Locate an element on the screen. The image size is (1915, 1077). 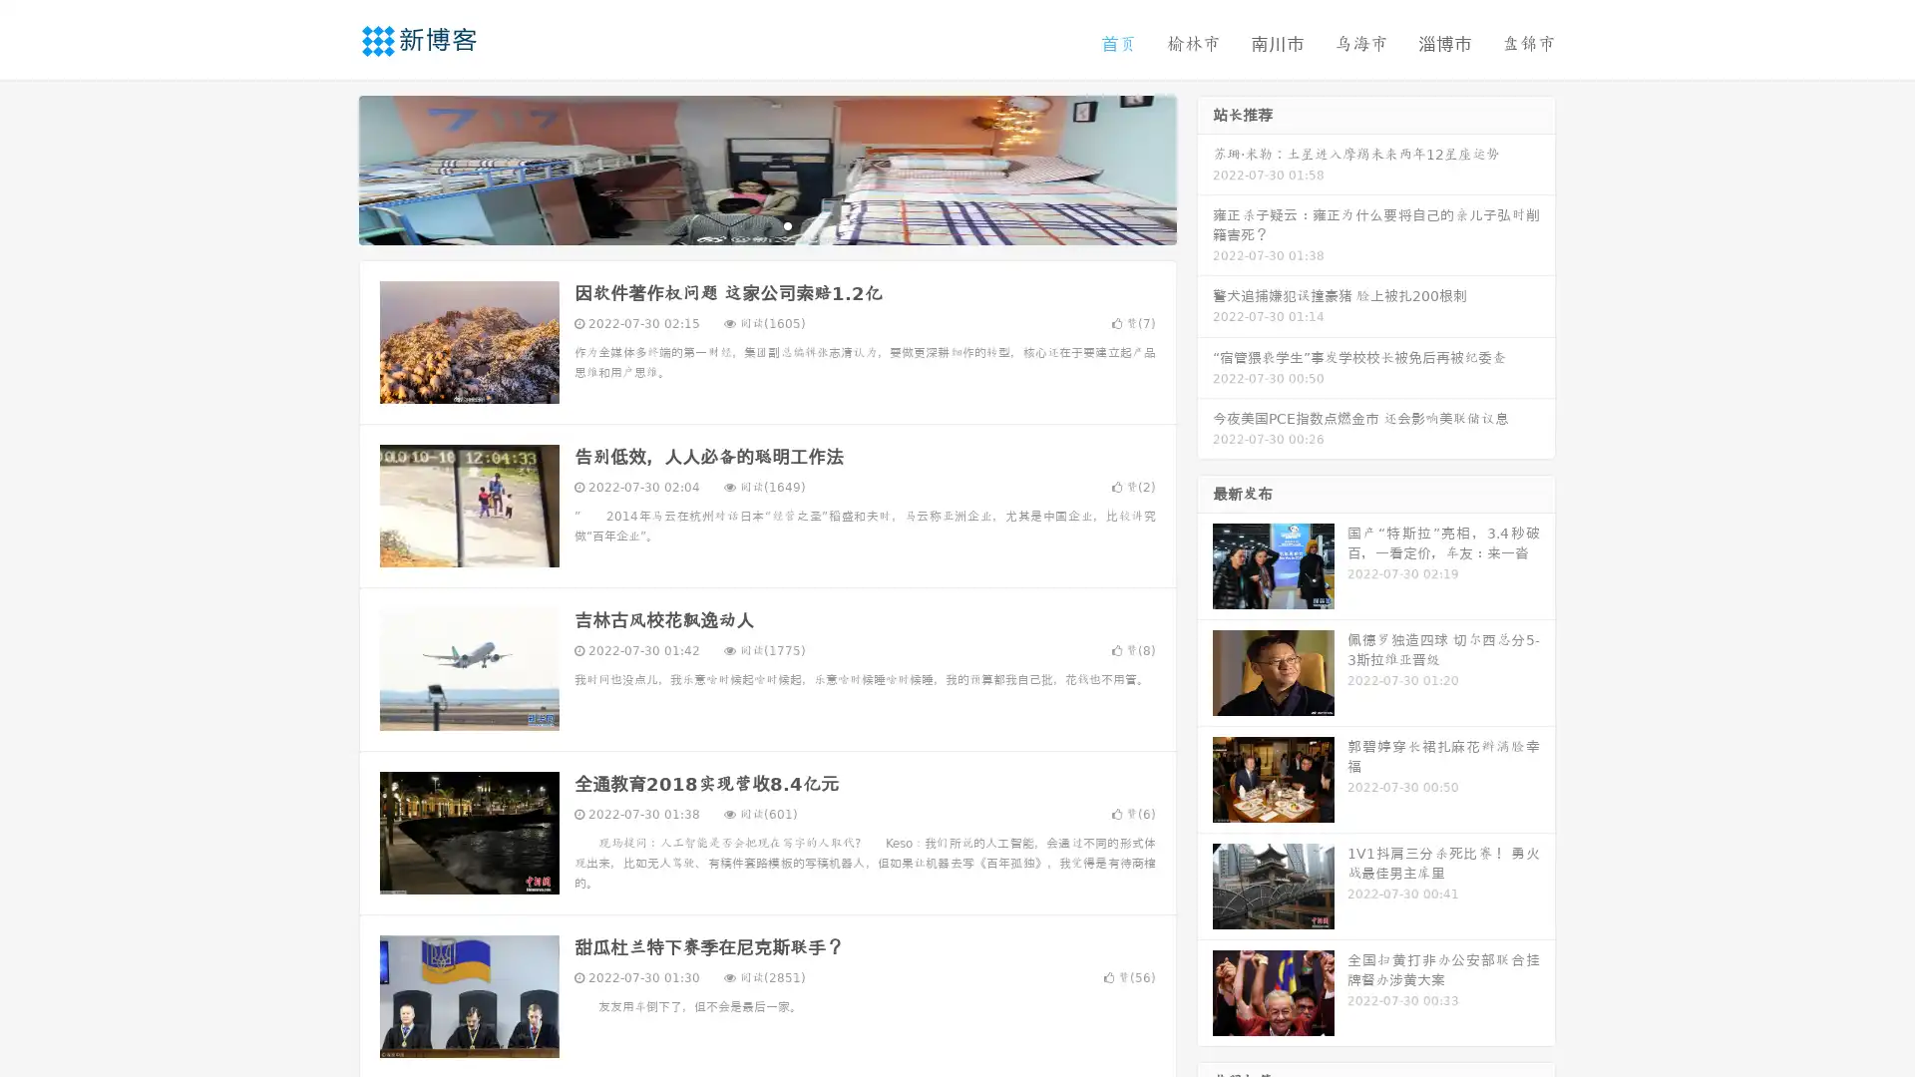
Previous slide is located at coordinates (329, 168).